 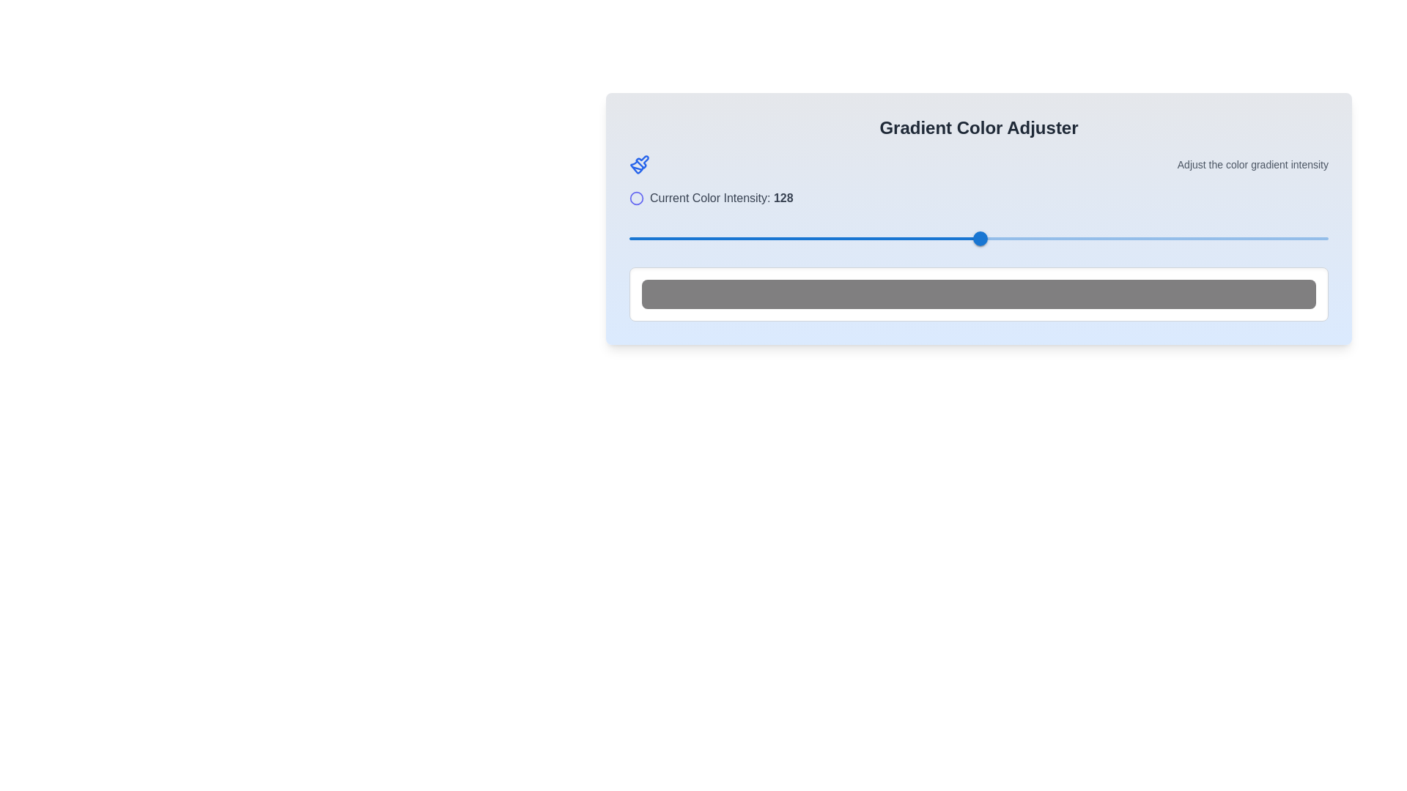 I want to click on the gradient color intensity, so click(x=1273, y=238).